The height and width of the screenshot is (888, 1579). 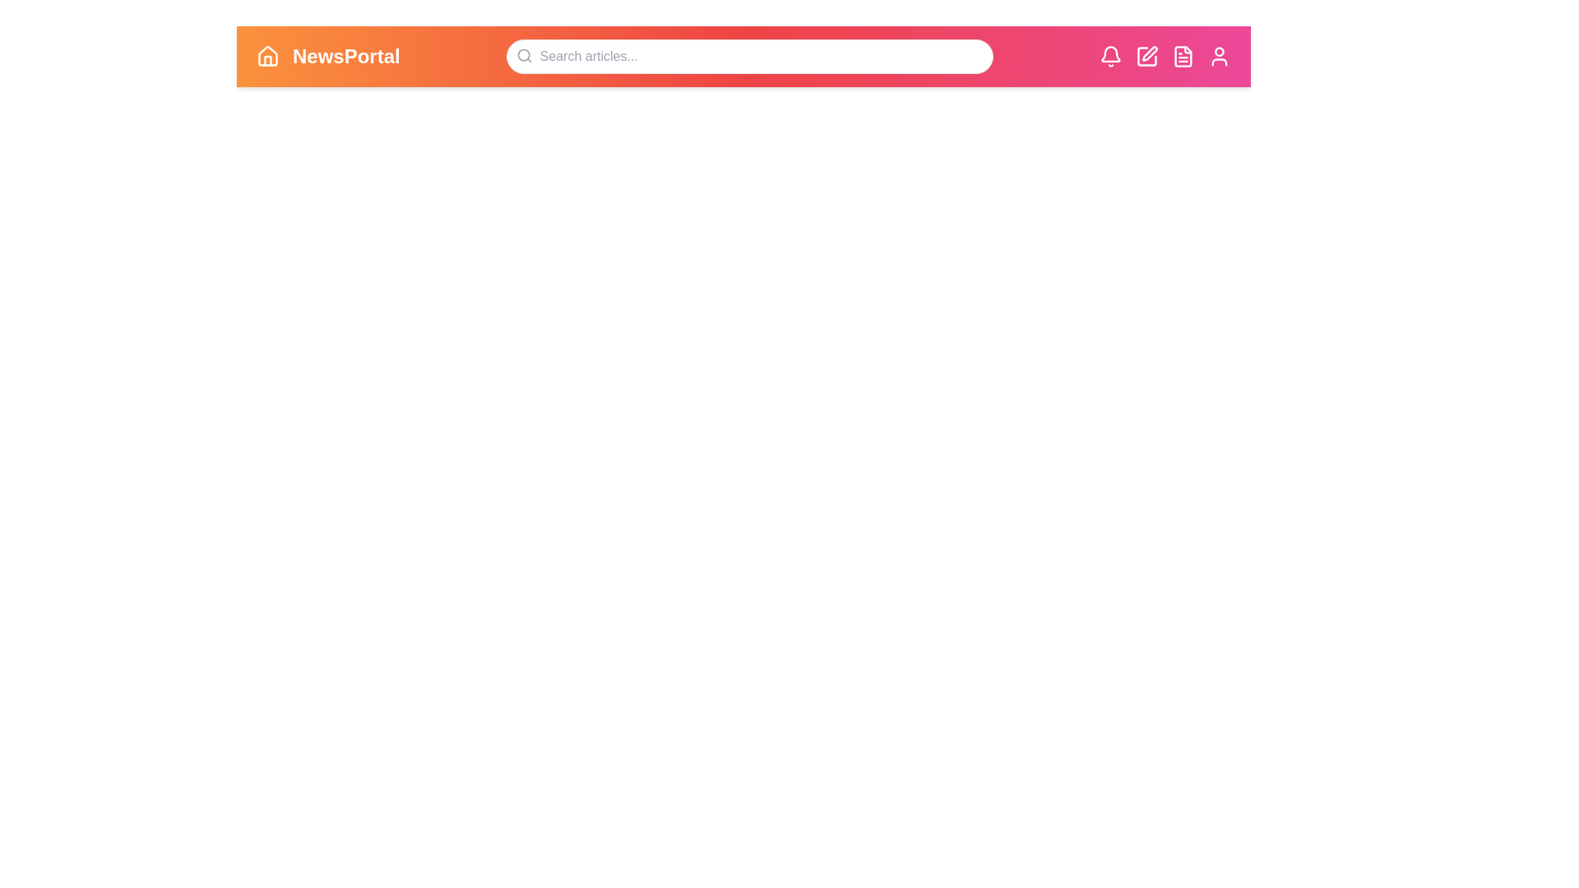 What do you see at coordinates (1183, 56) in the screenshot?
I see `the 'FileText' icon to view documents or files` at bounding box center [1183, 56].